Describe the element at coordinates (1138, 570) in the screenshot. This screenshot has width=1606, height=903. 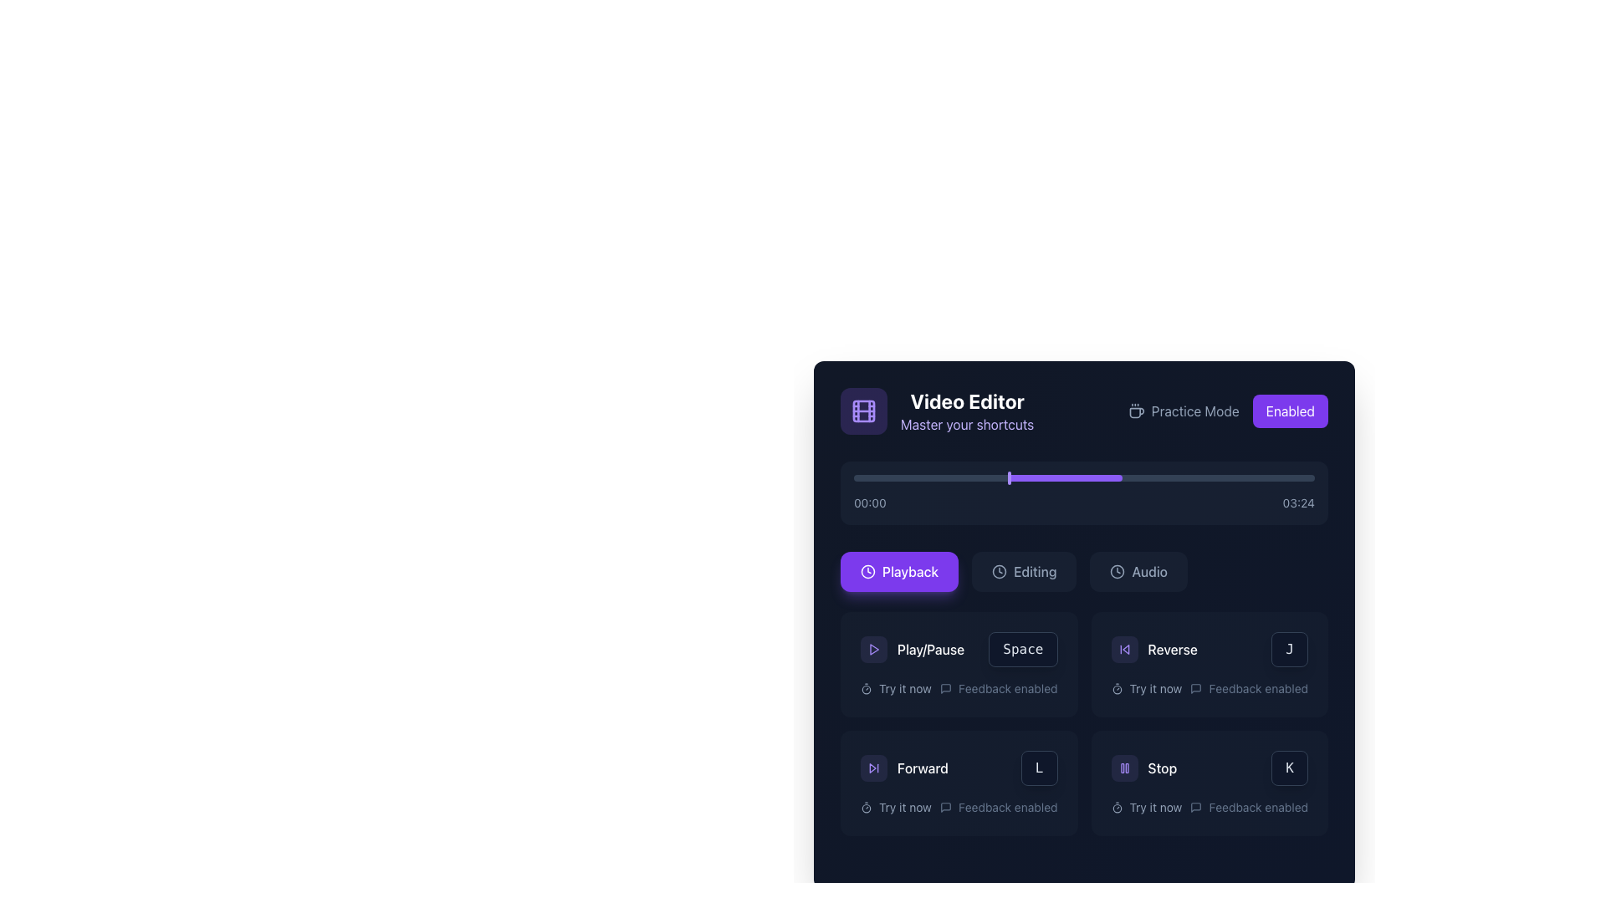
I see `the audio management button, which is the third button in a horizontal set` at that location.